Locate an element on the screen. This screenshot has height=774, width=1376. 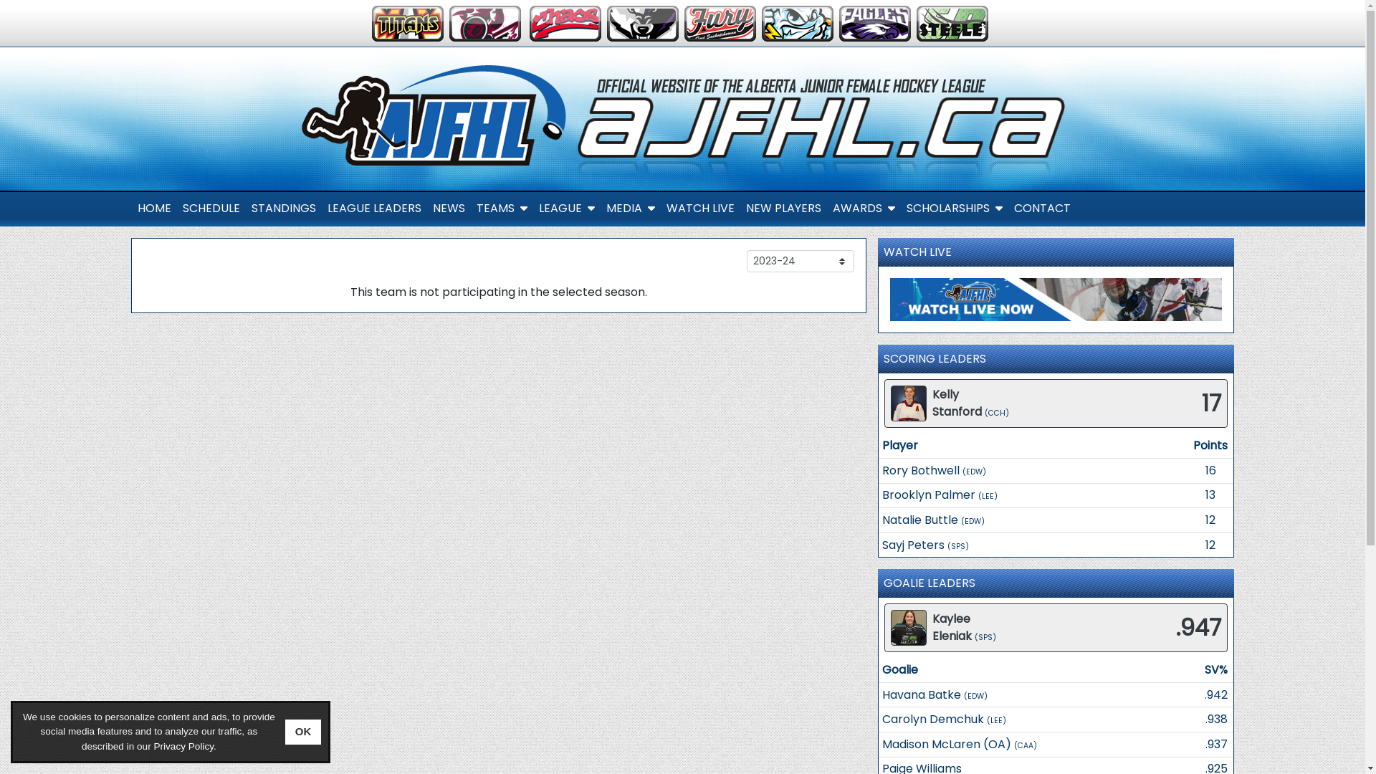
'Madison McLaren (OA)' is located at coordinates (881, 743).